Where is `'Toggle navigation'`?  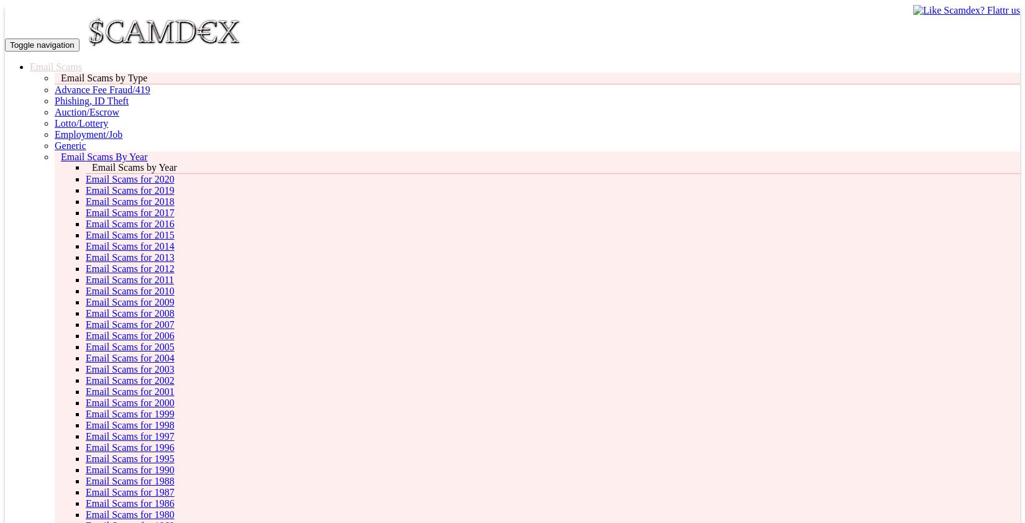
'Toggle navigation' is located at coordinates (42, 44).